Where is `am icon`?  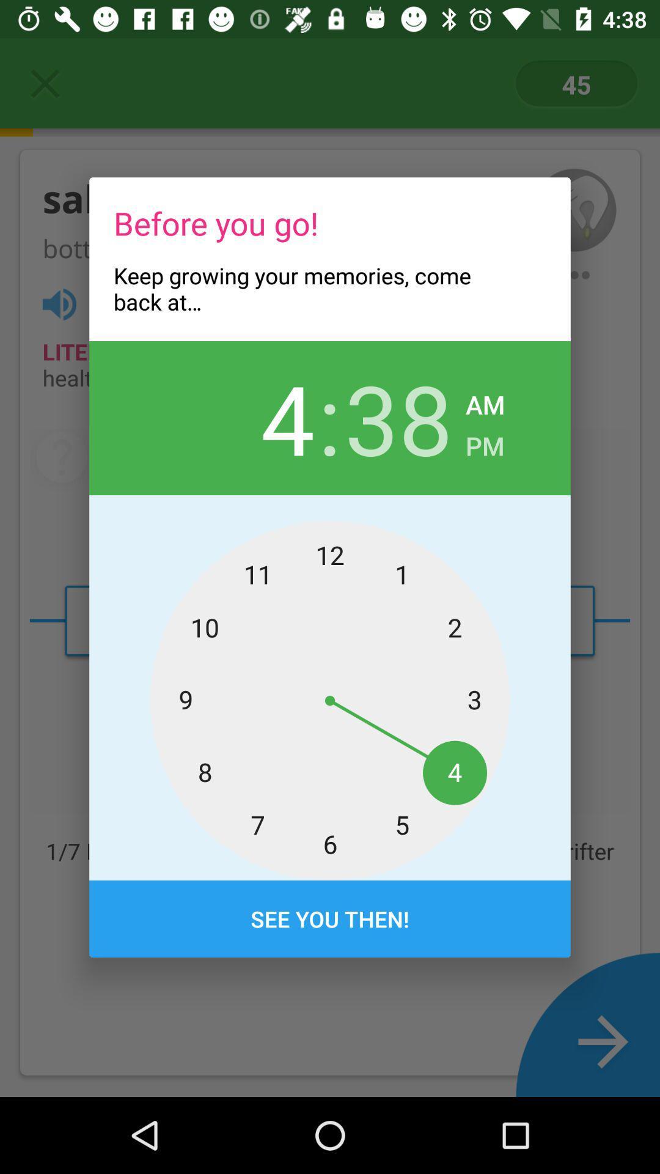
am icon is located at coordinates (485, 401).